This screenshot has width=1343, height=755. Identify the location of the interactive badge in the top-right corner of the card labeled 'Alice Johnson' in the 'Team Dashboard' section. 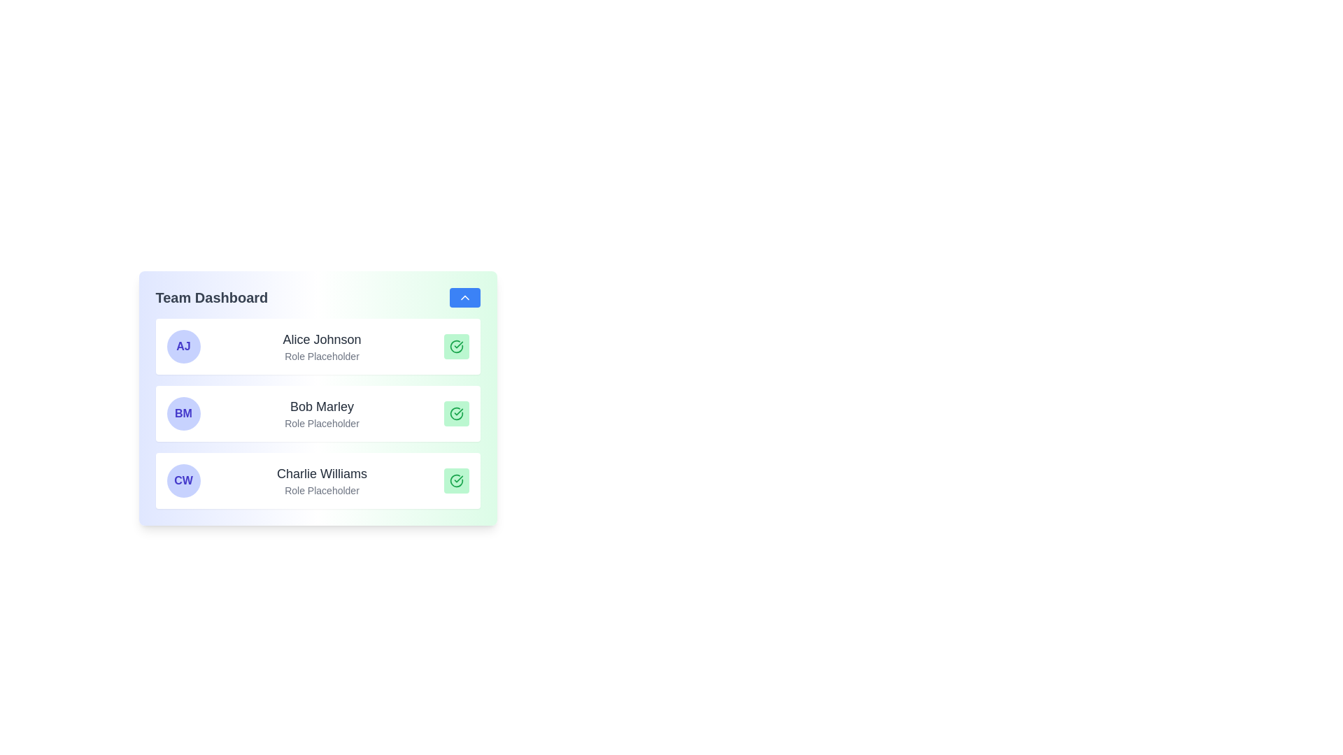
(456, 346).